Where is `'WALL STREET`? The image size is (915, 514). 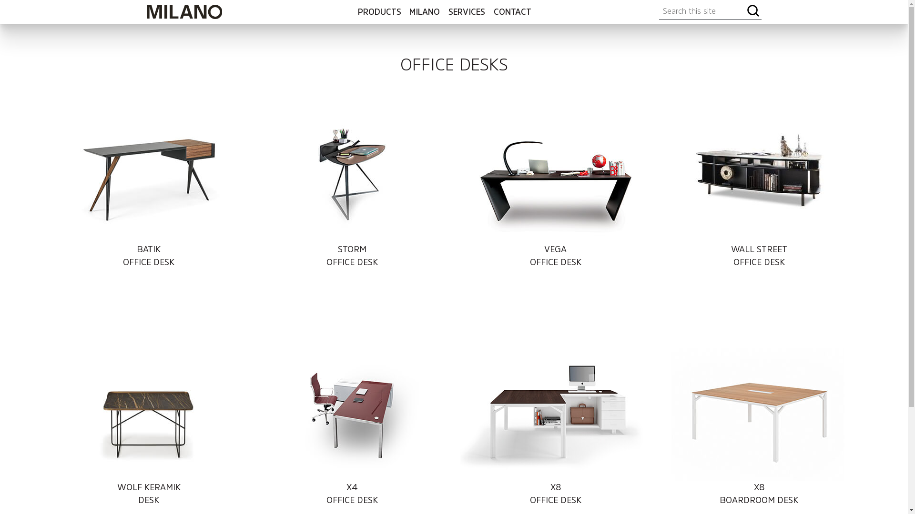
'WALL STREET is located at coordinates (759, 195).